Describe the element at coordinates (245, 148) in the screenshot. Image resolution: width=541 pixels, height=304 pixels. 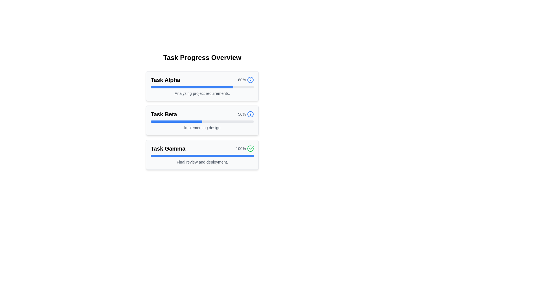
I see `text of the completion indicator that visually indicates a completion status of 100% for the associated task in 'Task Gamma'` at that location.